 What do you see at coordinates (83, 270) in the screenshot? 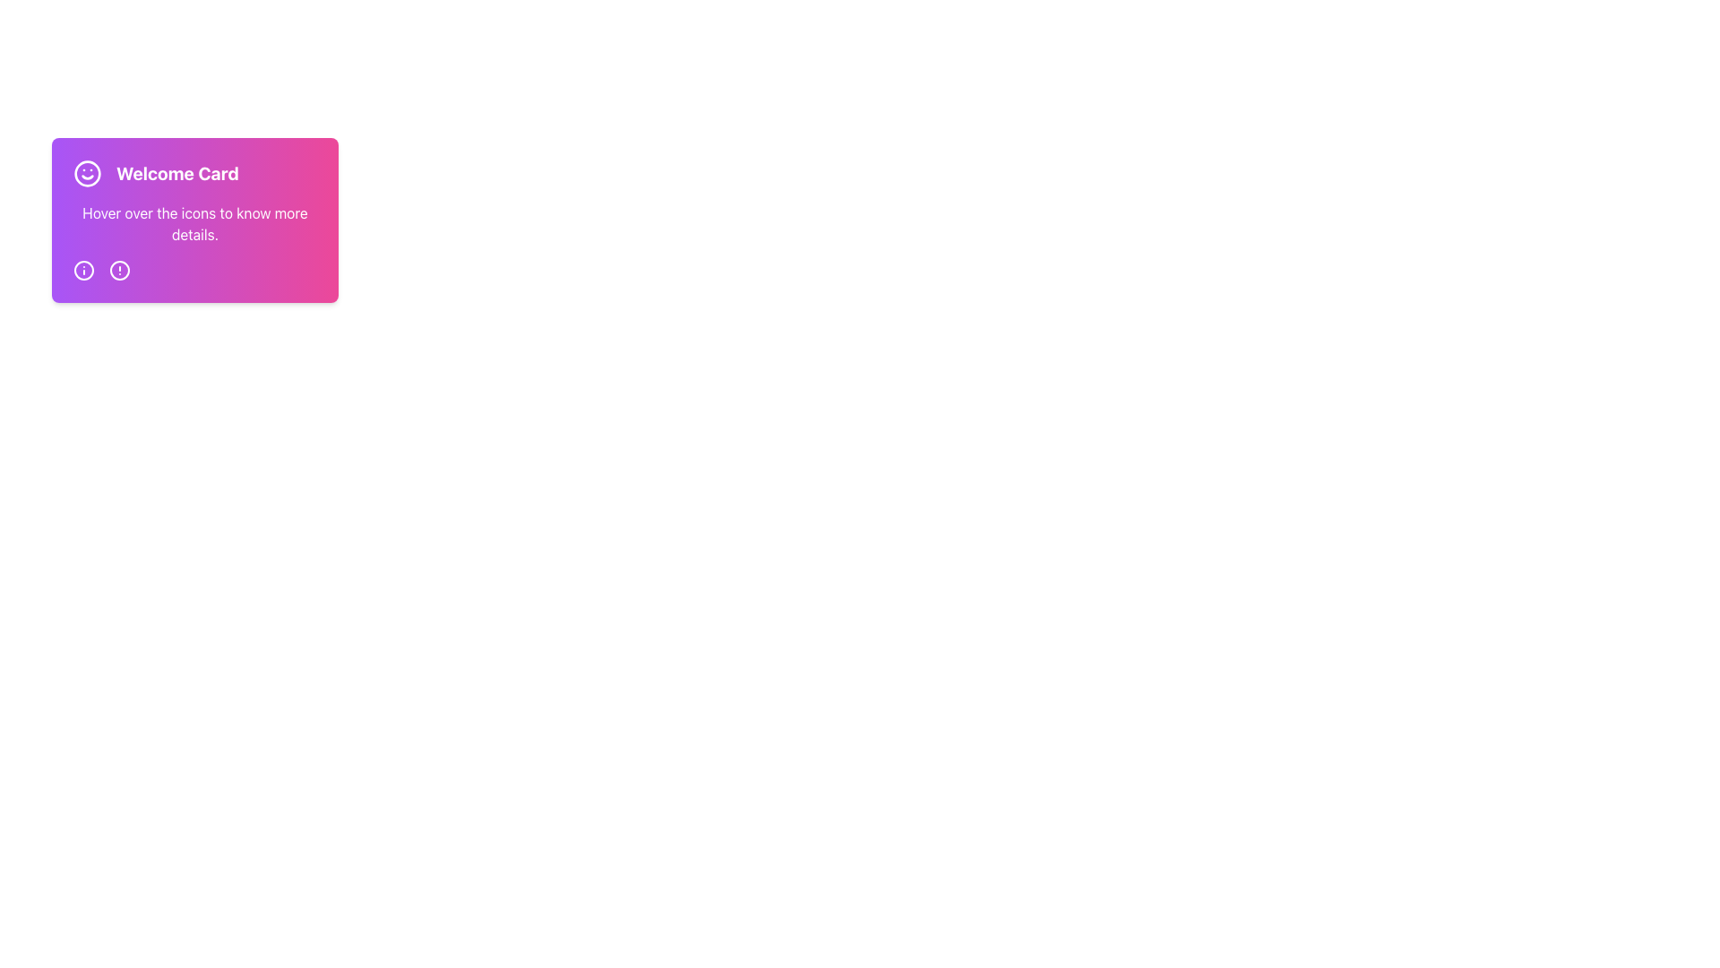
I see `the circular decorative graphic icon located at the bottom of the 'Welcome Card', which indicates additional details or help content is available` at bounding box center [83, 270].